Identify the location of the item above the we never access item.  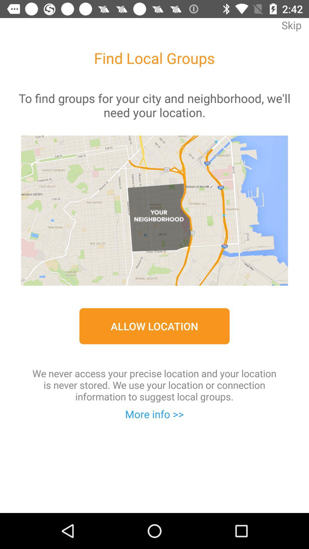
(154, 326).